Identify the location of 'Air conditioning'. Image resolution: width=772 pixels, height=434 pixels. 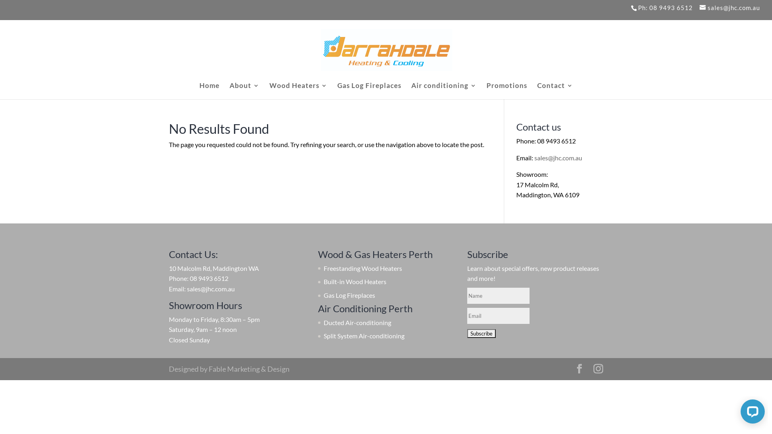
(443, 90).